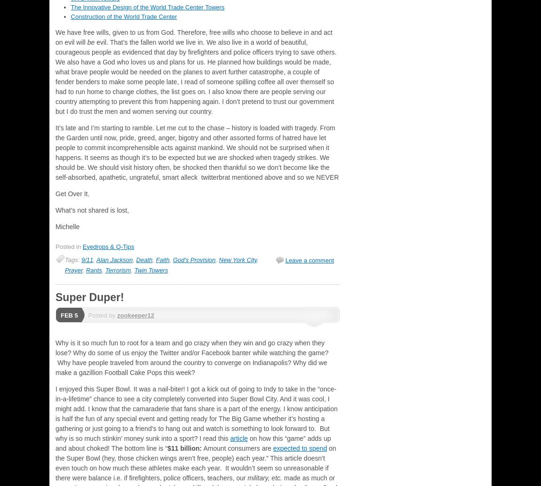 The width and height of the screenshot is (541, 486). Describe the element at coordinates (72, 259) in the screenshot. I see `'Tags:'` at that location.